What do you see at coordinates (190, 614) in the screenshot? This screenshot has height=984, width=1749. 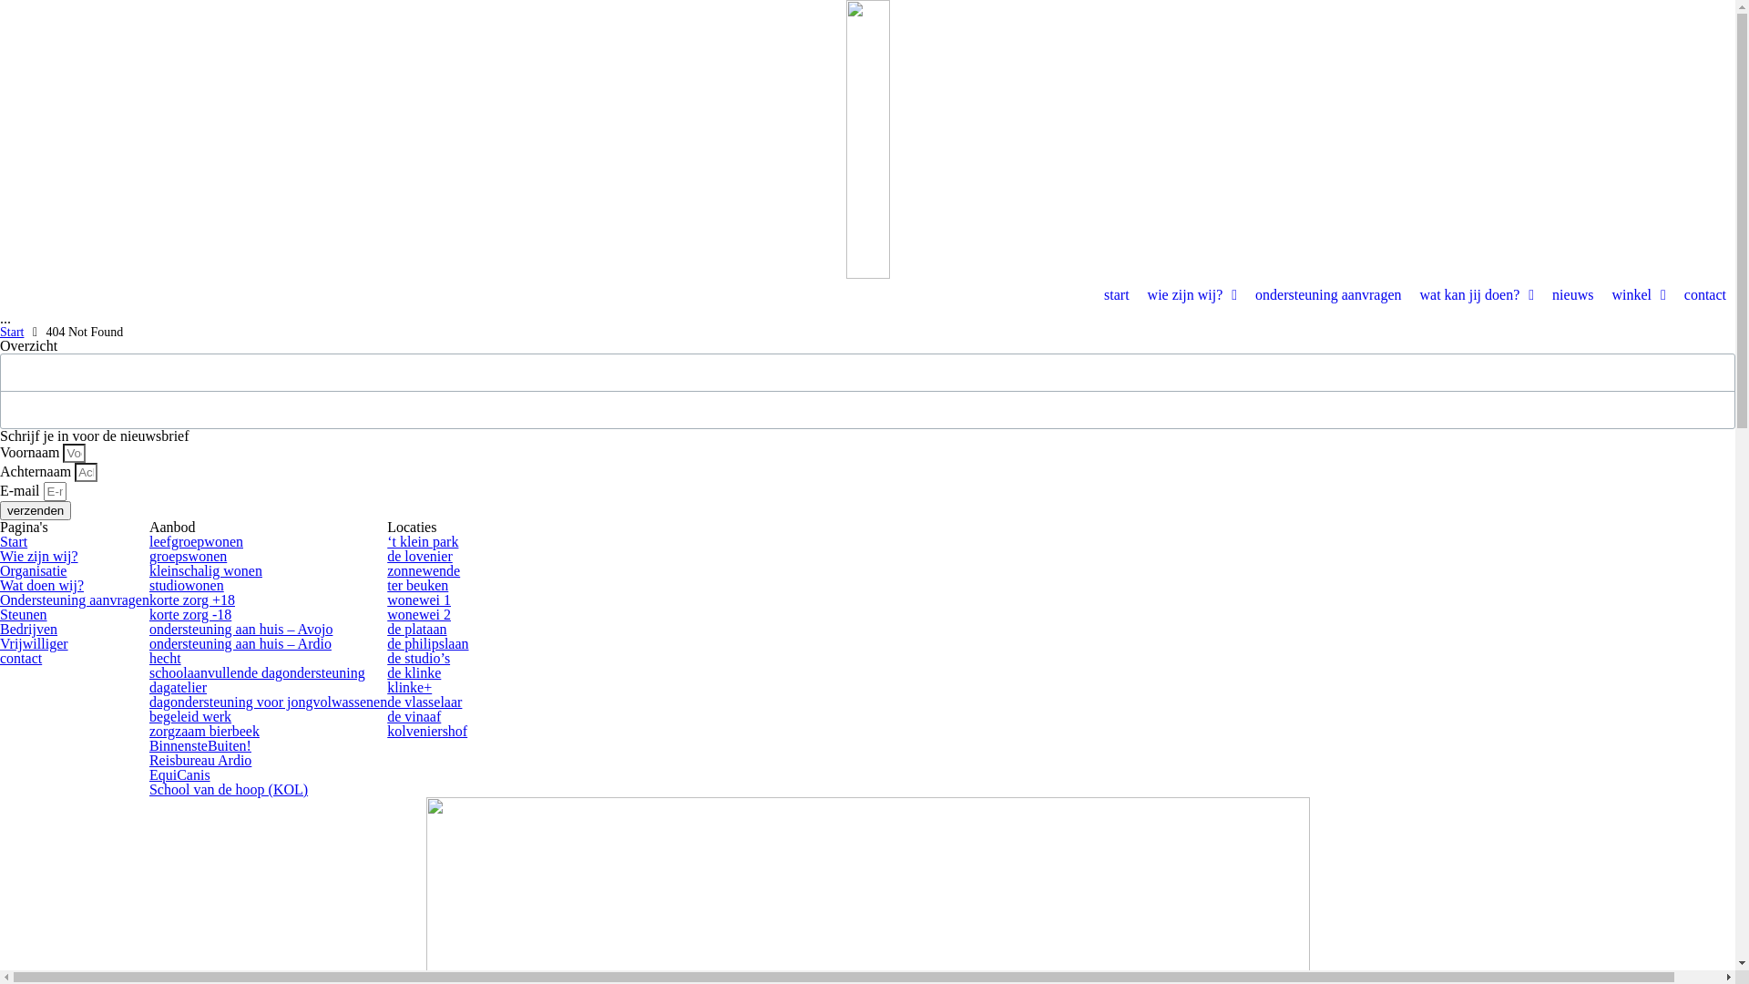 I see `'korte zorg -18'` at bounding box center [190, 614].